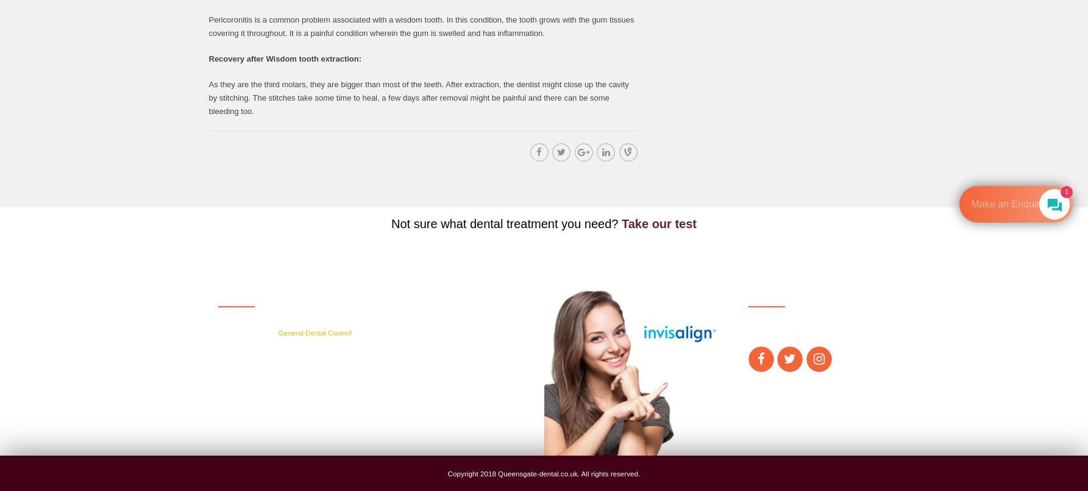  Describe the element at coordinates (251, 356) in the screenshot. I see `'ADDRESS'` at that location.